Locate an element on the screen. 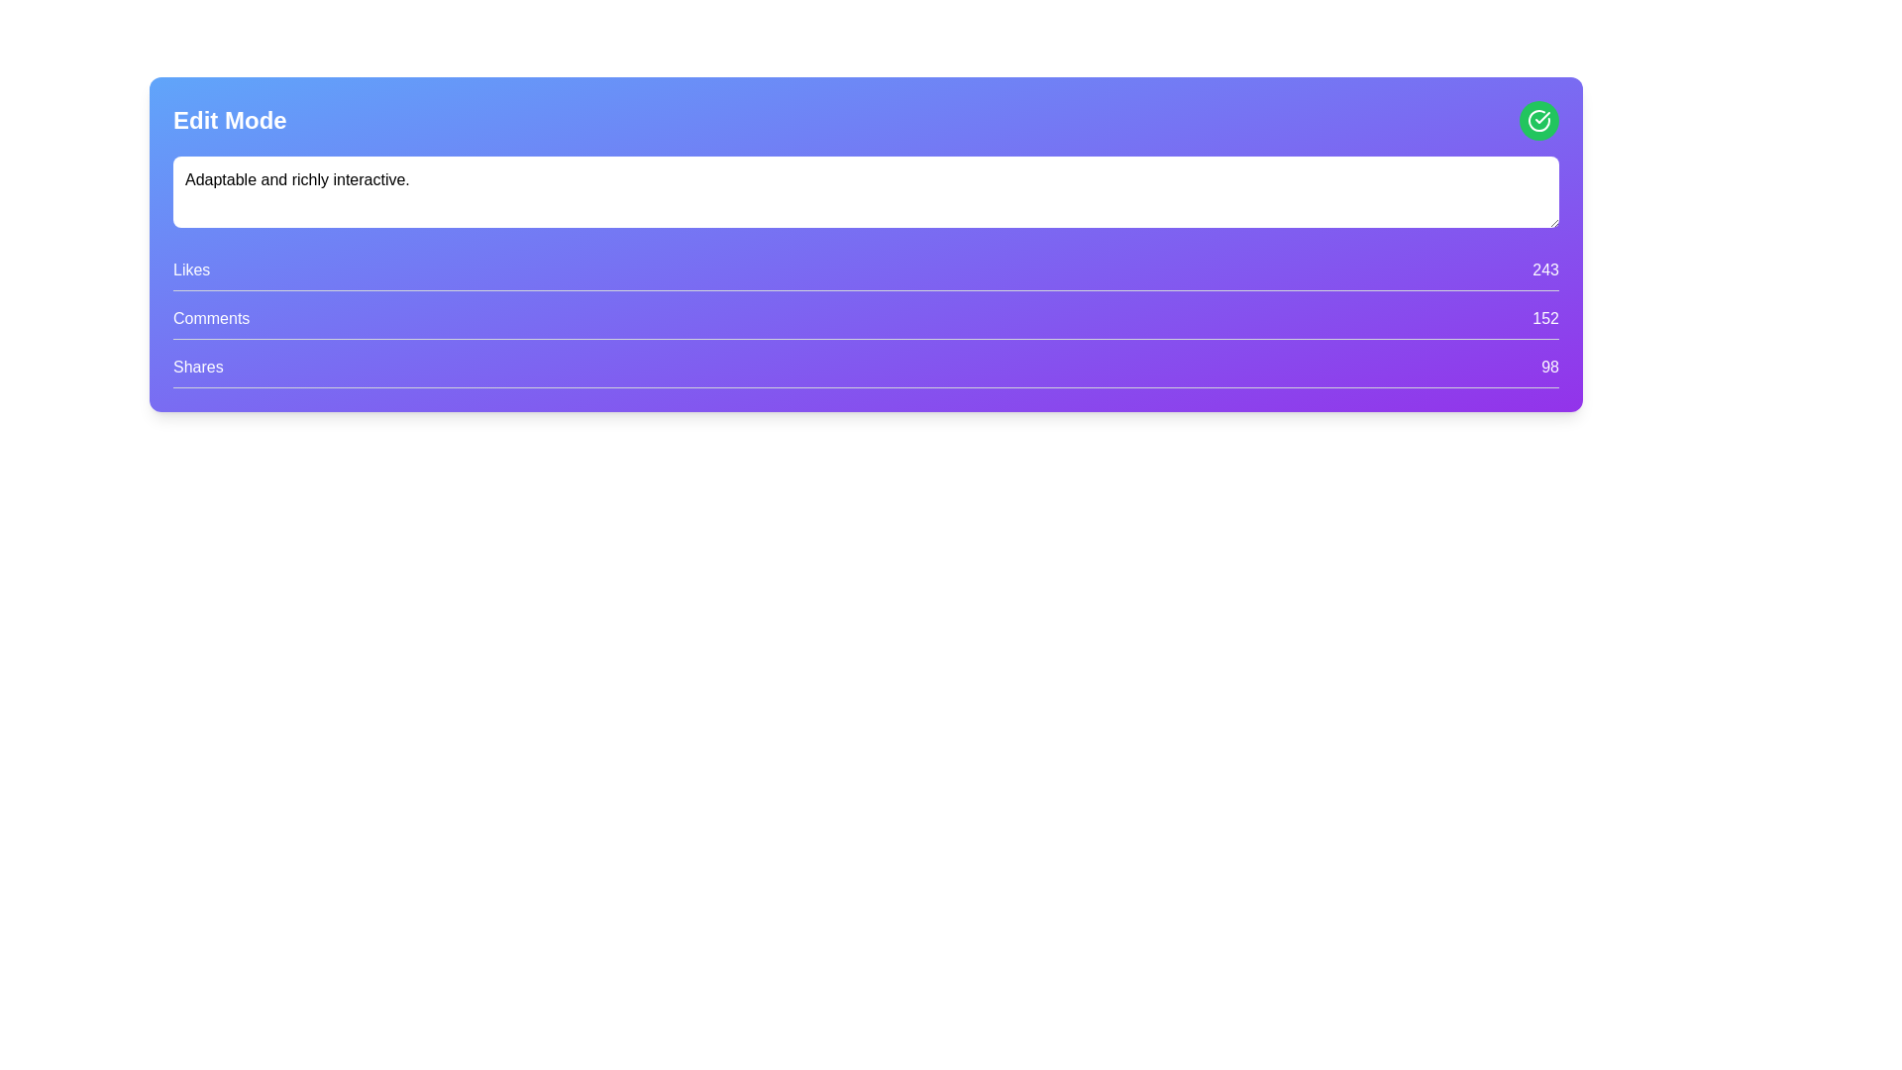  the 'Likes' text display, which shows the number of Likes associated with the entity and is located in the rightmost portion of the row labeled 'Likes' is located at coordinates (1544, 270).